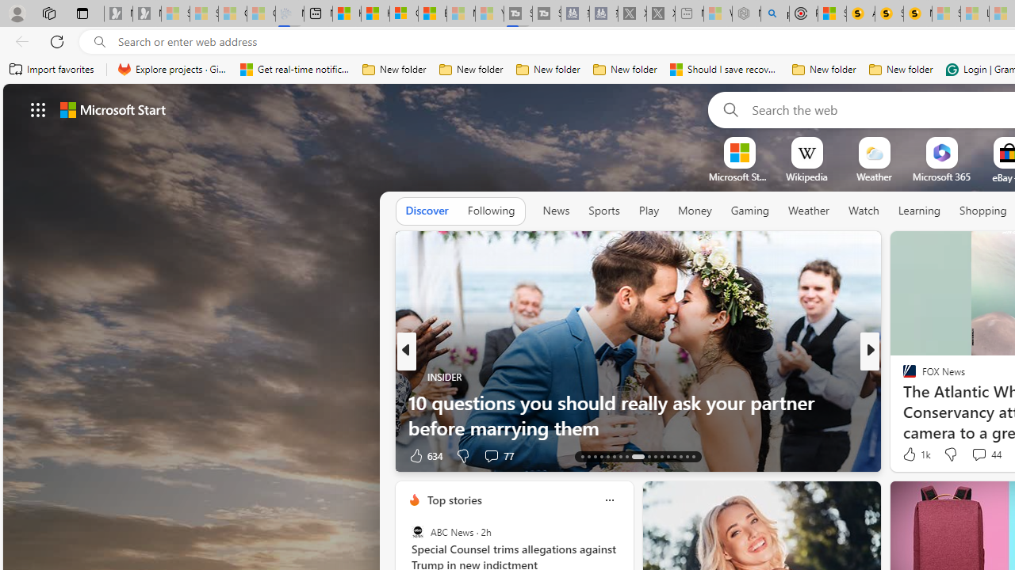  What do you see at coordinates (693, 457) in the screenshot?
I see `'AutomationID: tab-29'` at bounding box center [693, 457].